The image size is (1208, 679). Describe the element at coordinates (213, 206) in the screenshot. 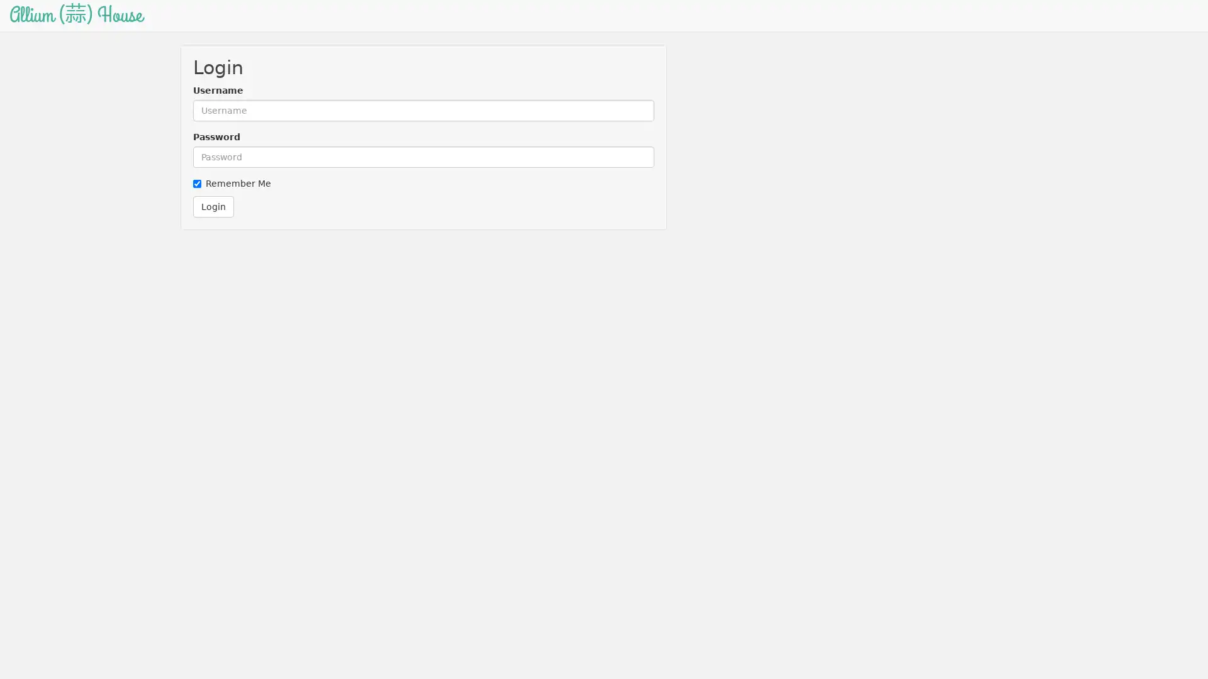

I see `Login` at that location.